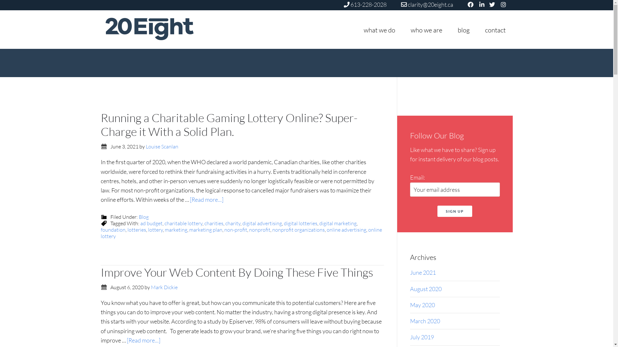 This screenshot has height=347, width=618. I want to click on 'what we do', so click(379, 30).